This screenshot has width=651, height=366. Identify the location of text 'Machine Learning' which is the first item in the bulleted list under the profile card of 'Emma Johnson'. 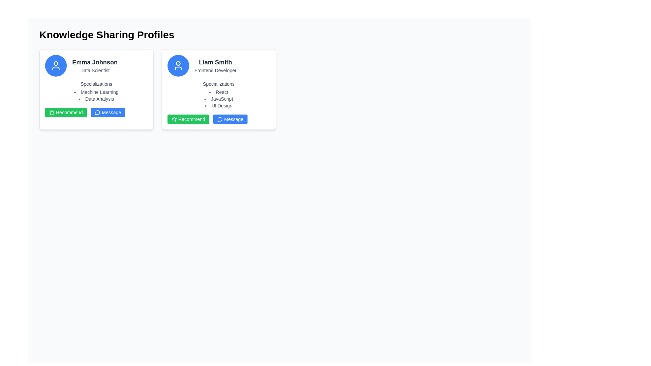
(96, 92).